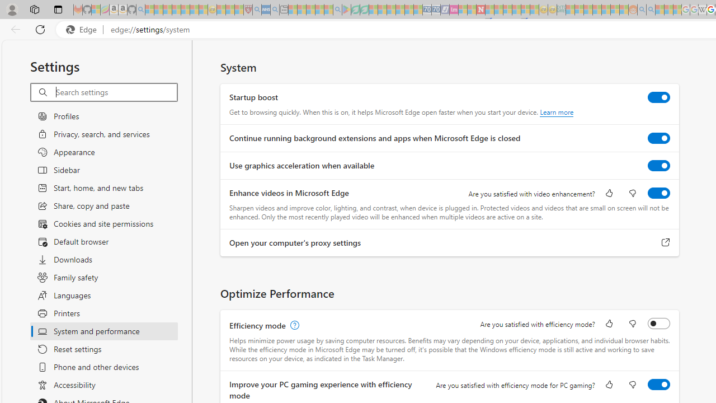  Describe the element at coordinates (659, 97) in the screenshot. I see `'Startup boost'` at that location.